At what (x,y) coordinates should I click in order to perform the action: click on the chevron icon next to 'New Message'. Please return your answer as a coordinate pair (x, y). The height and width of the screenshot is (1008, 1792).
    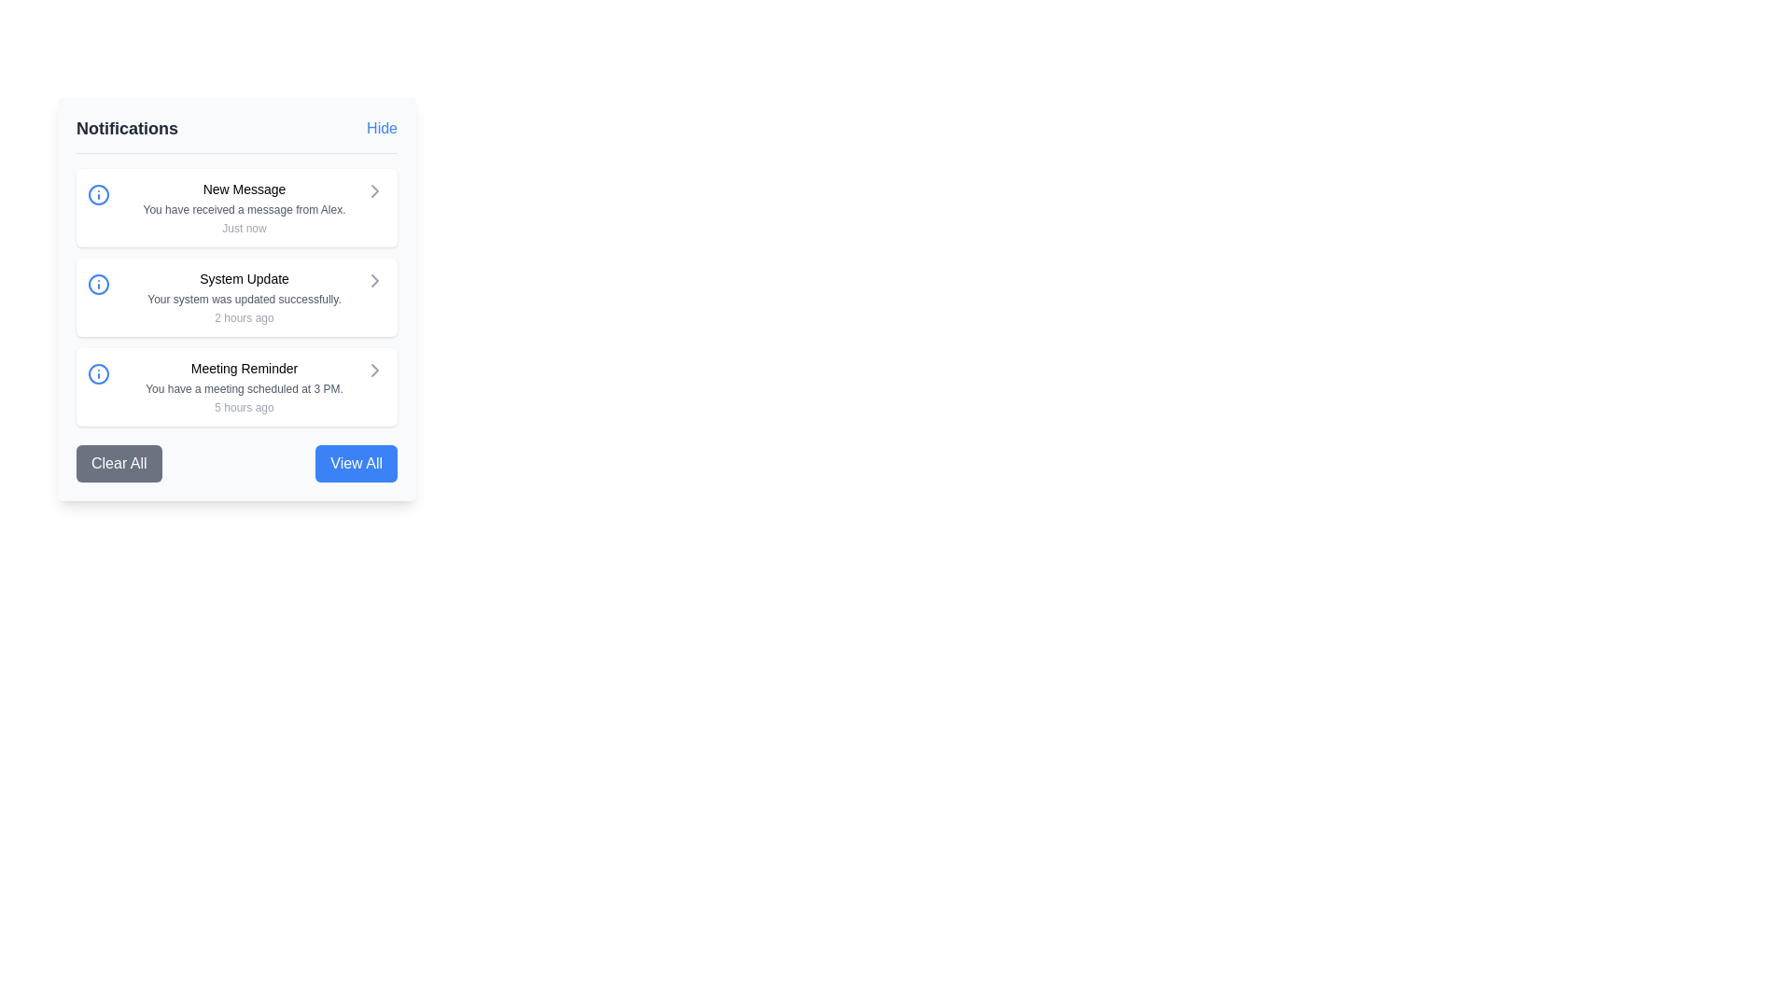
    Looking at the image, I should click on (374, 190).